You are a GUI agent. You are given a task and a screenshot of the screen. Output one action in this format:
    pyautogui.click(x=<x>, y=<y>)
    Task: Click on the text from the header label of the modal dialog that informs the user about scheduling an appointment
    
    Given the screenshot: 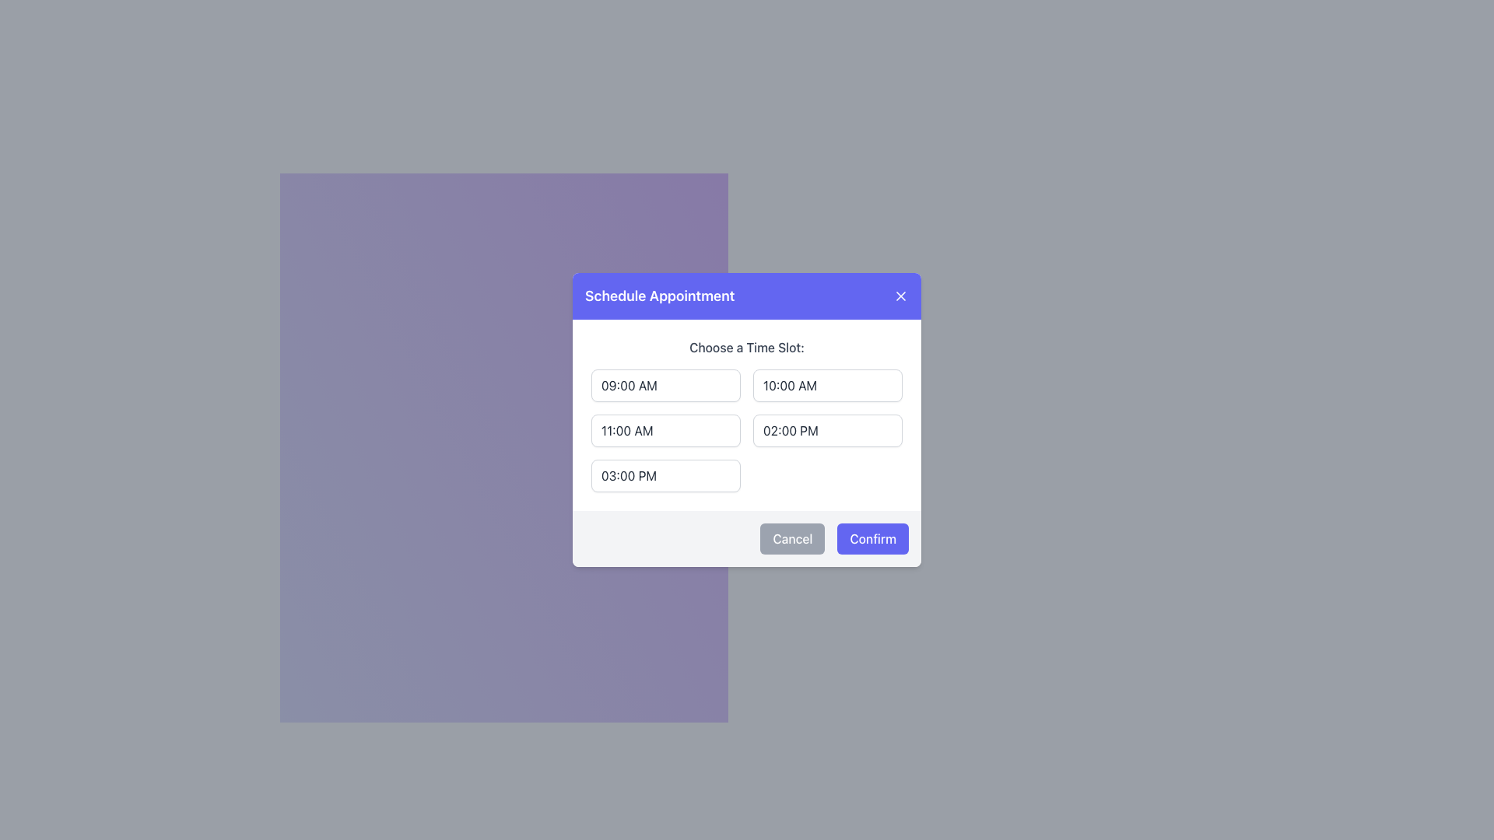 What is the action you would take?
    pyautogui.click(x=660, y=296)
    